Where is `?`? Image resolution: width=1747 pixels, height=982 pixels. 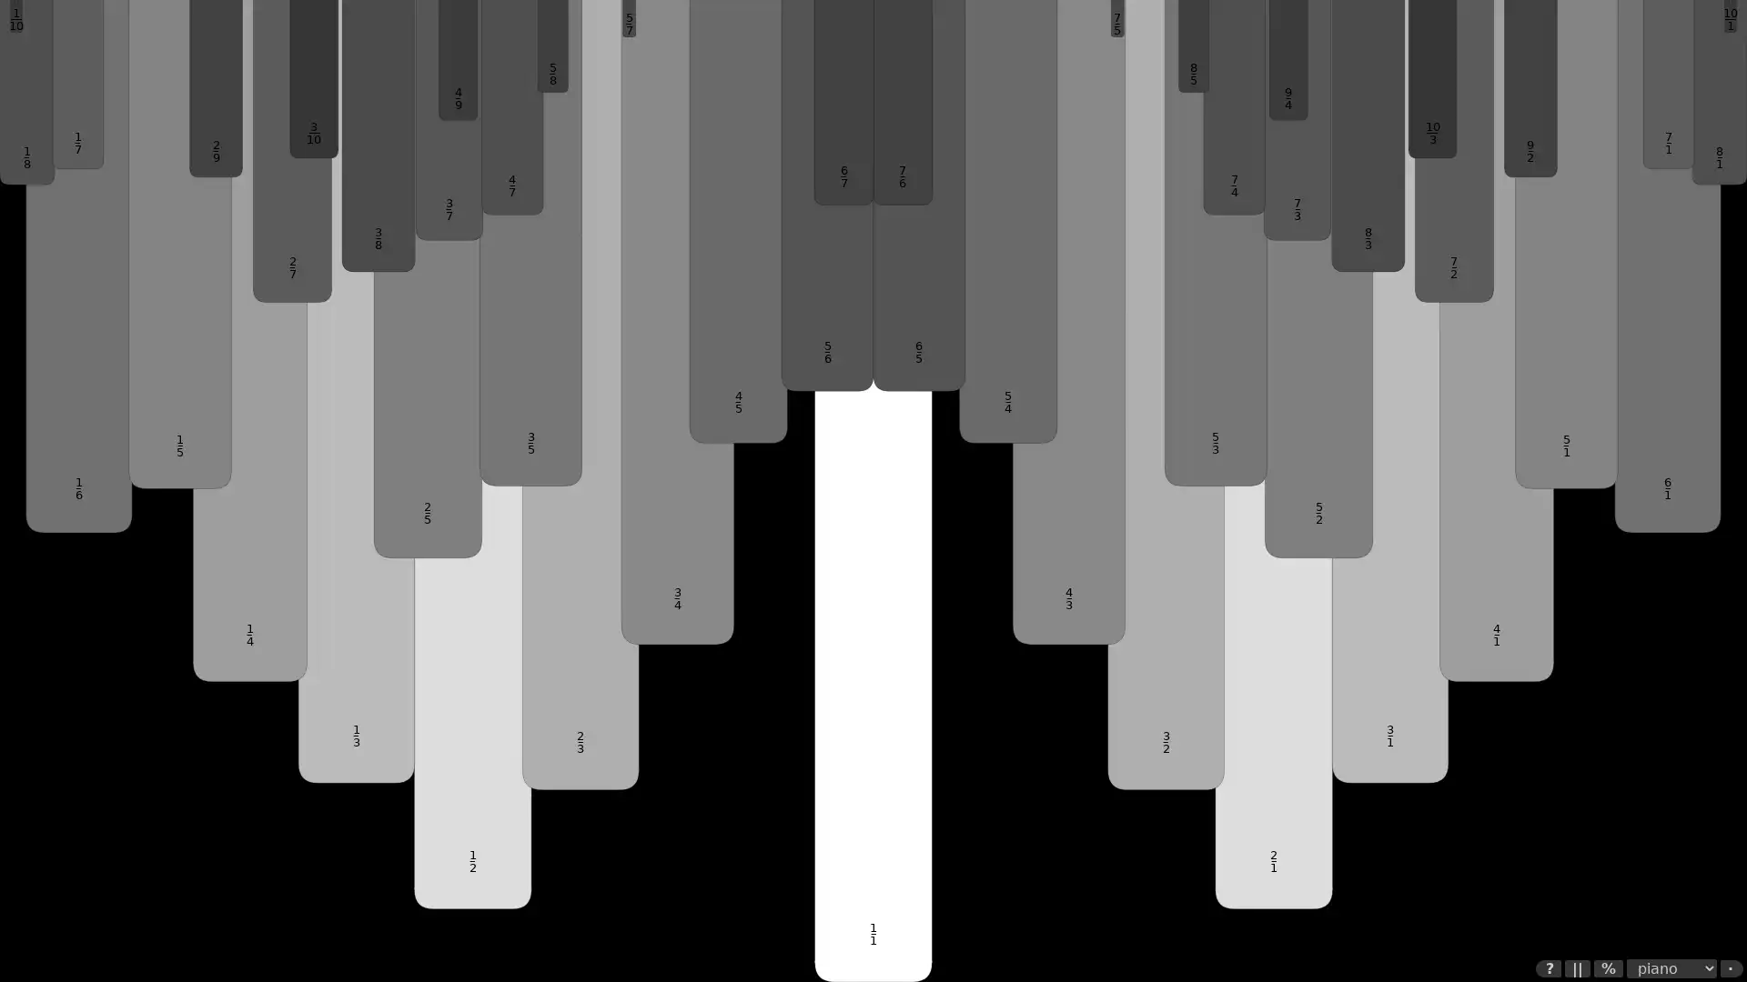 ? is located at coordinates (1546, 967).